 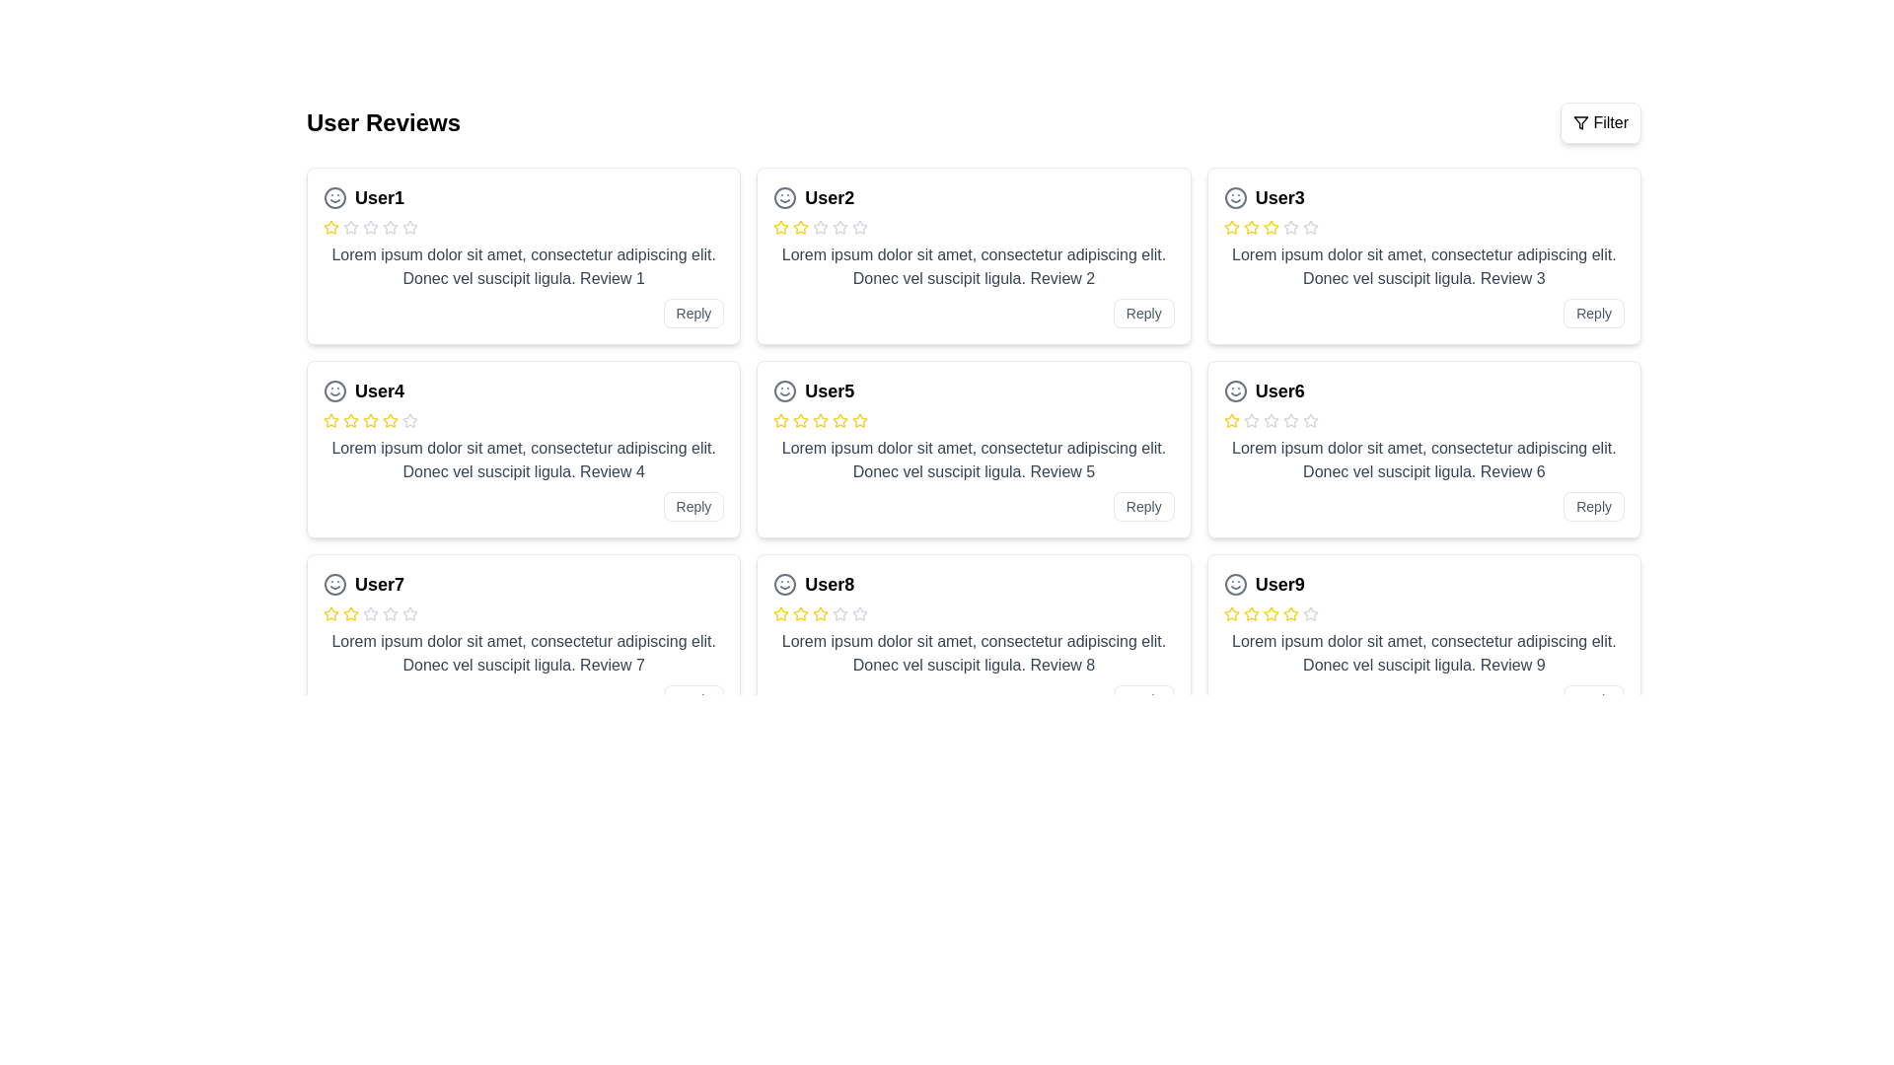 I want to click on the yellow star-shaped icon indicating the first star in the rating system for 'User1' in the top left card of the review grid, so click(x=331, y=227).